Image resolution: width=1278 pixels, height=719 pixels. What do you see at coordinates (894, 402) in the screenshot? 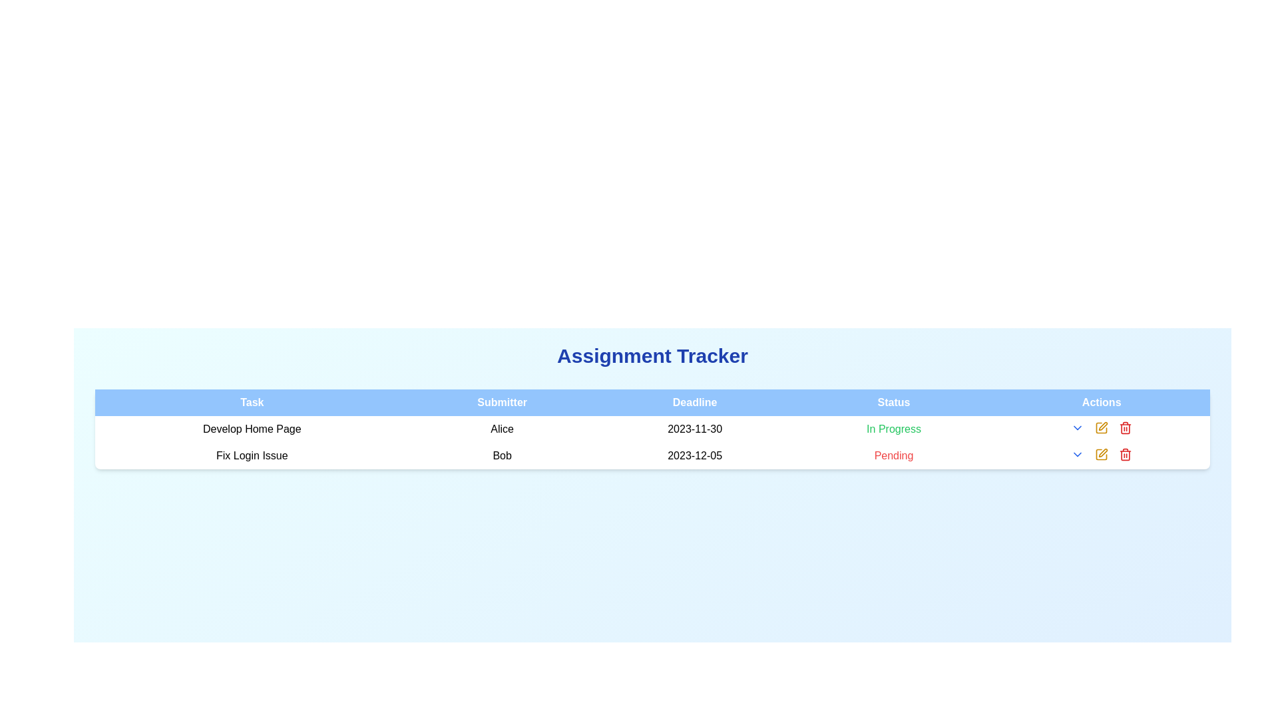
I see `the 'Status' header label, which is the fourth item in a row of five headers, indicating status information for the corresponding rows in the table` at bounding box center [894, 402].